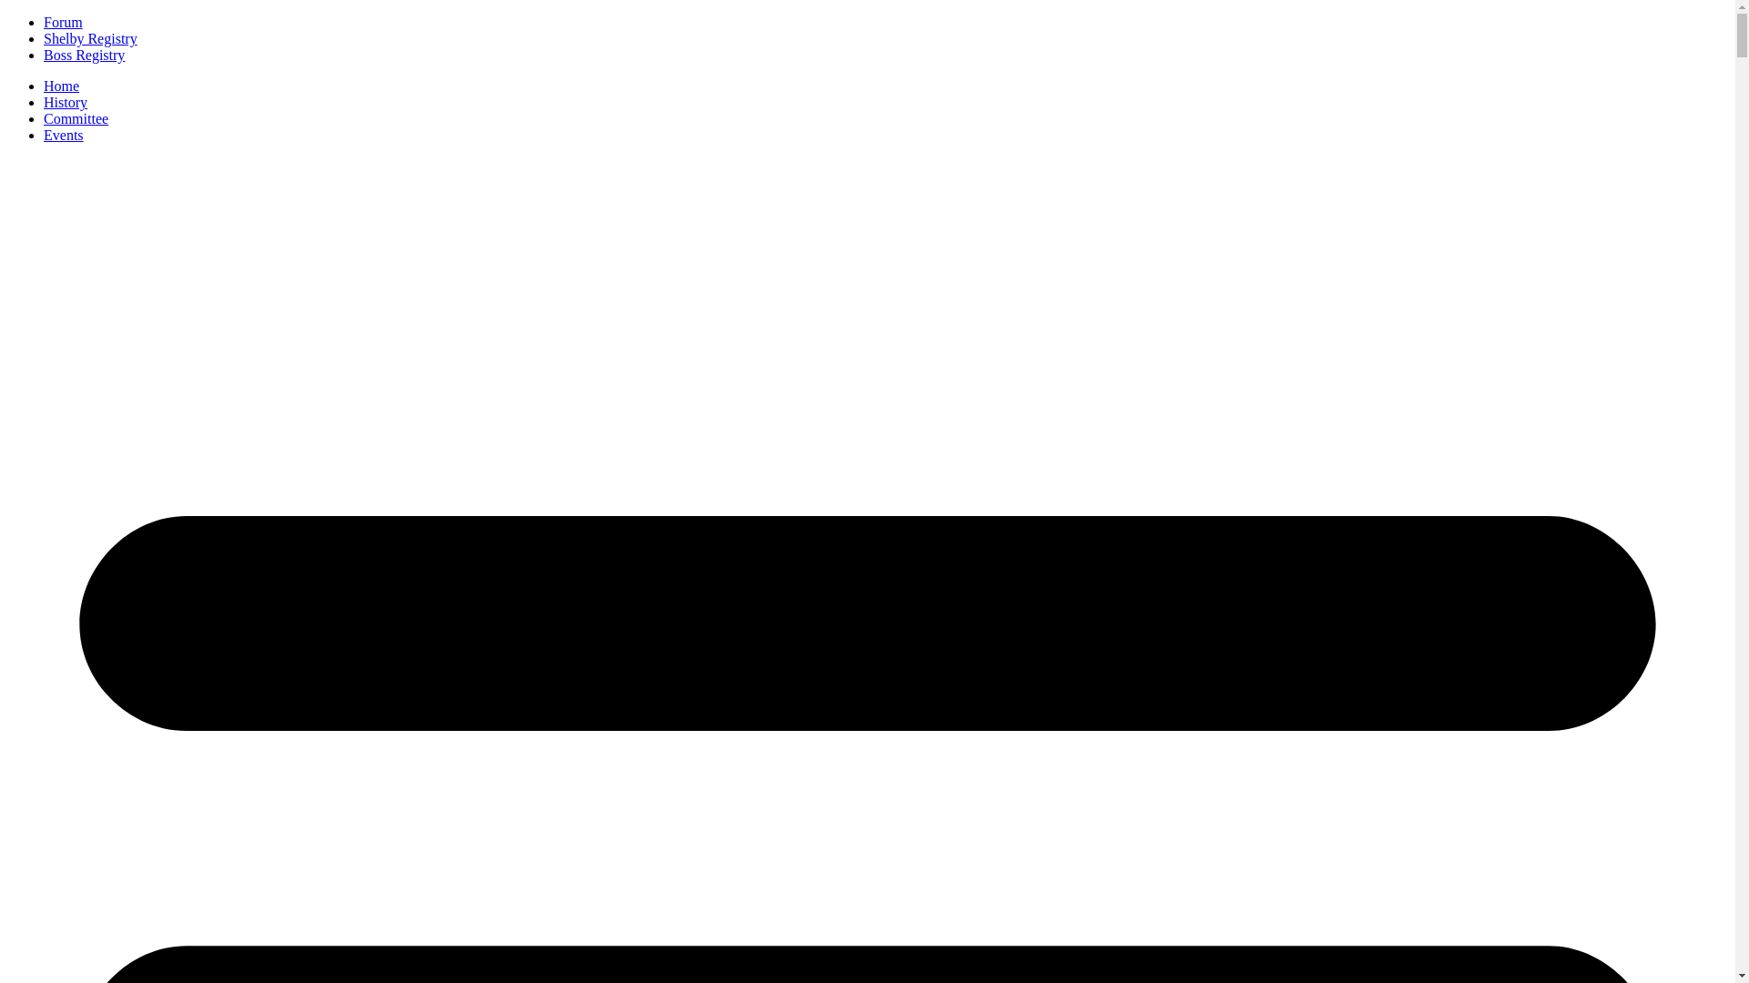 This screenshot has height=983, width=1749. I want to click on 'Events', so click(64, 134).